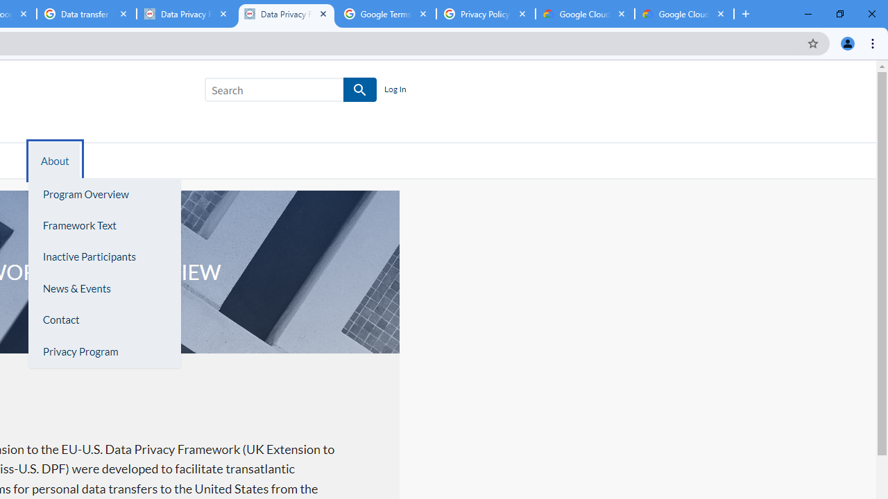 The width and height of the screenshot is (888, 499). Describe the element at coordinates (103, 320) in the screenshot. I see `'Contact'` at that location.